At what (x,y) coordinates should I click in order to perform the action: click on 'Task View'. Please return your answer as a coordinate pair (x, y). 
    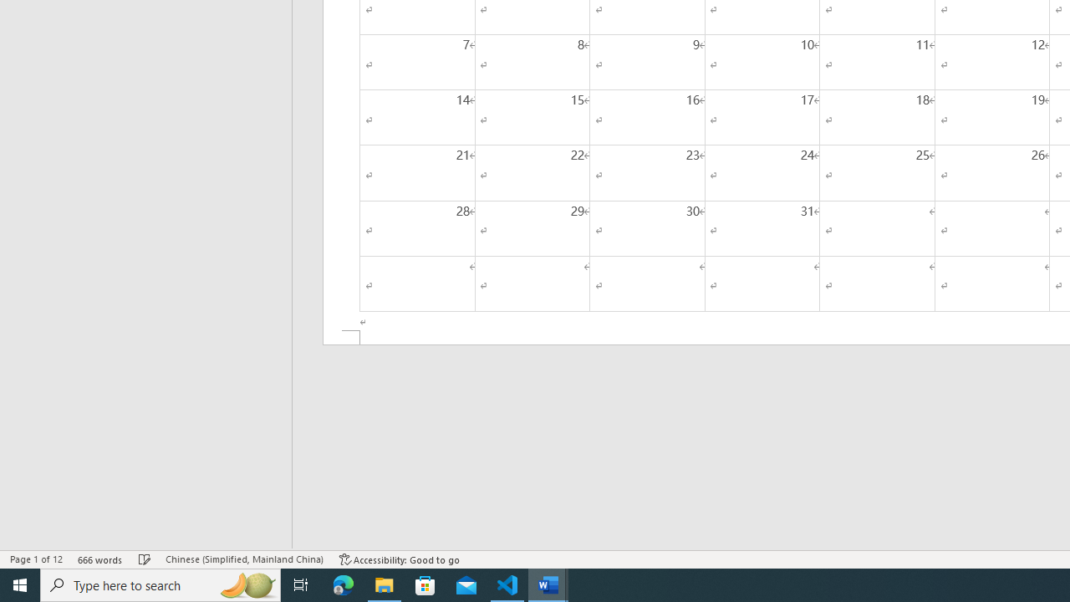
    Looking at the image, I should click on (300, 584).